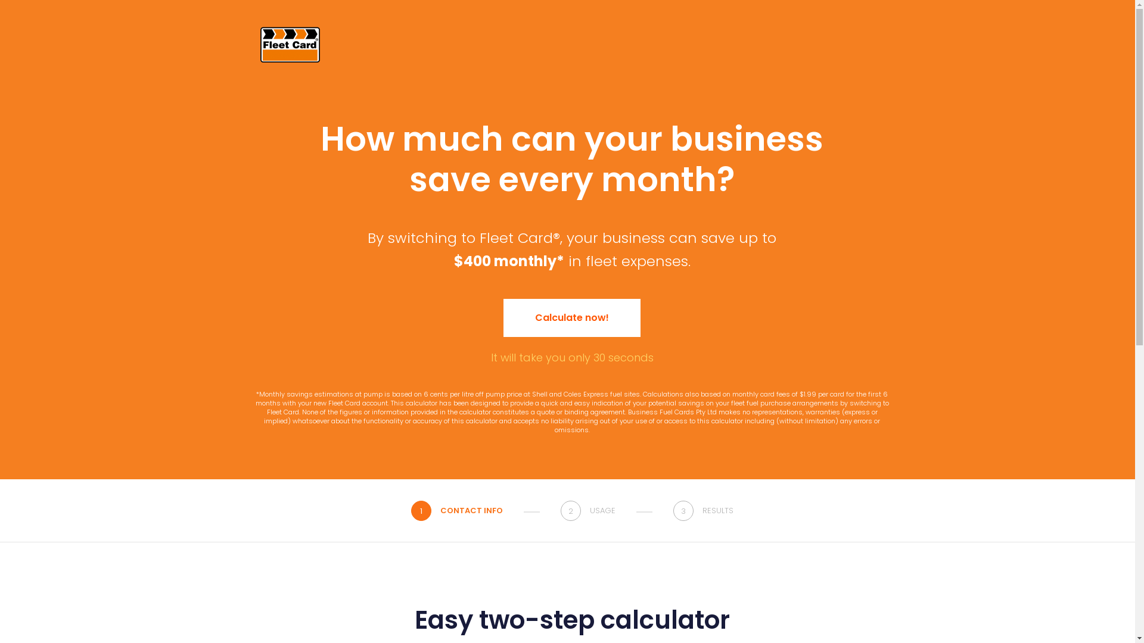 The width and height of the screenshot is (1144, 643). What do you see at coordinates (290, 43) in the screenshot?
I see `'Fleet Card'` at bounding box center [290, 43].